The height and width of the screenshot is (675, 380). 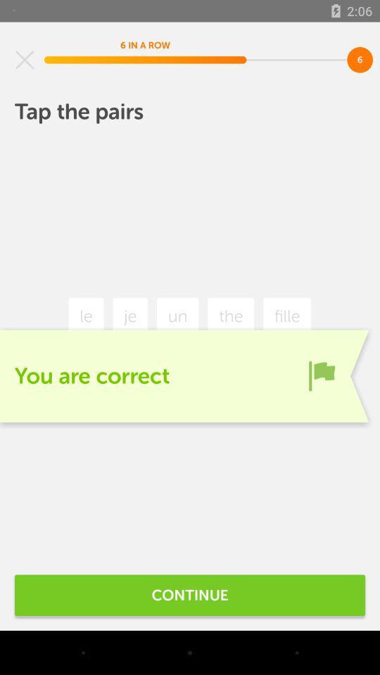 What do you see at coordinates (322, 375) in the screenshot?
I see `icon next to a` at bounding box center [322, 375].